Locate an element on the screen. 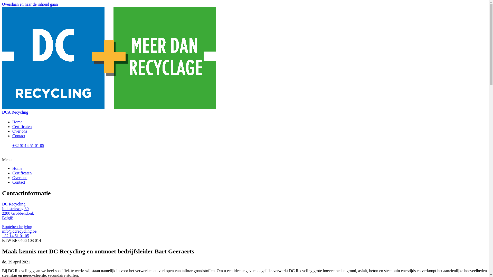 Image resolution: width=493 pixels, height=277 pixels. '+32 14 51 01 05' is located at coordinates (2, 236).